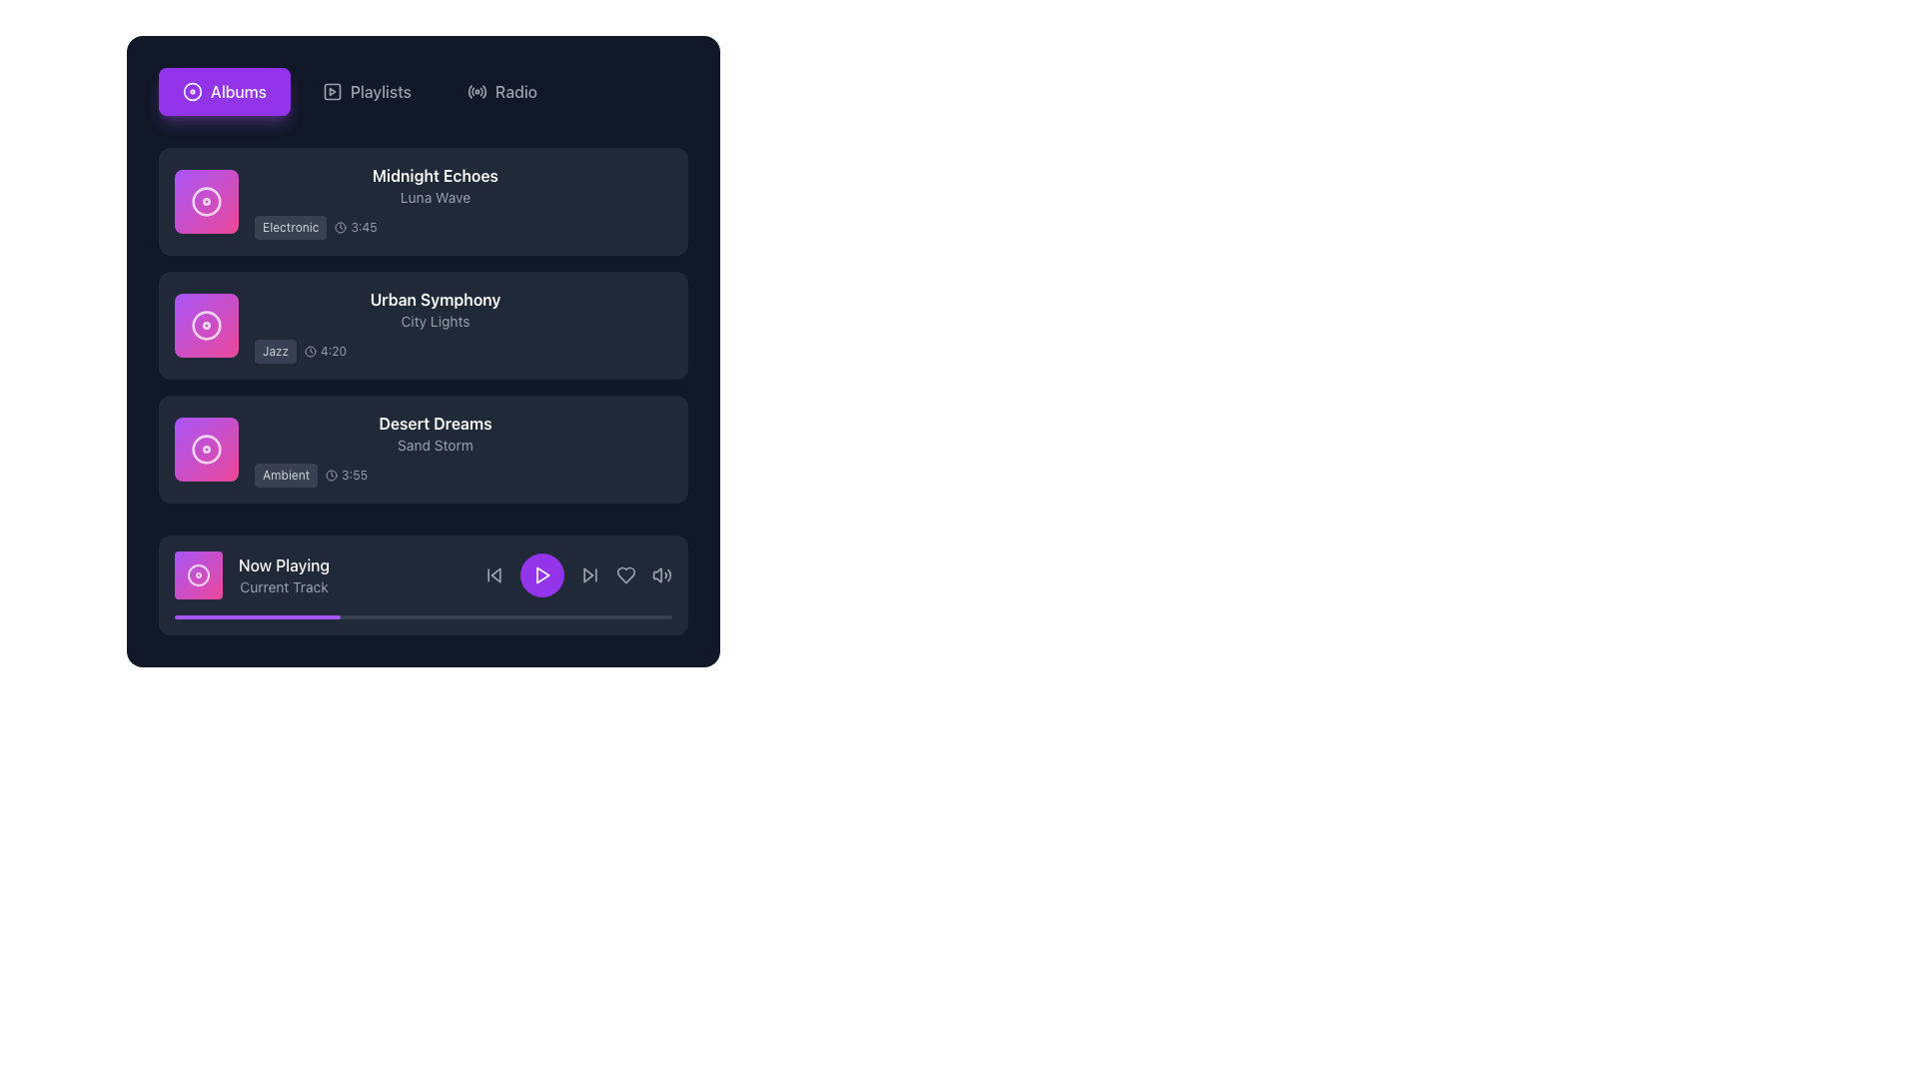 The image size is (1918, 1079). I want to click on the progress bar value, so click(245, 615).